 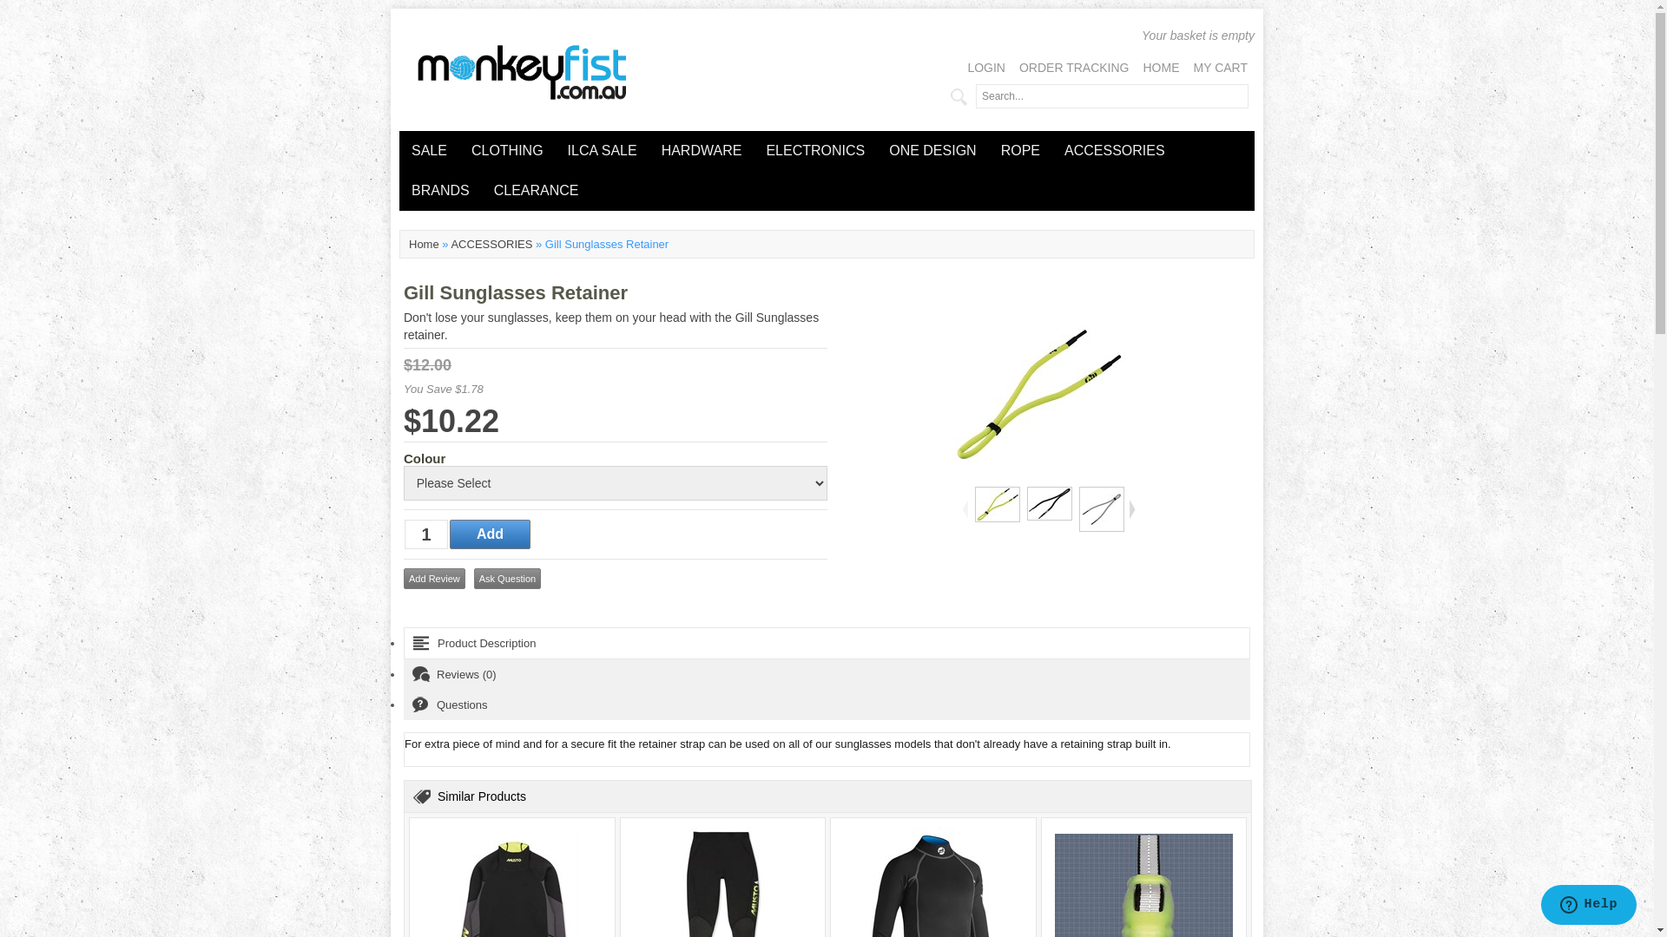 What do you see at coordinates (603, 149) in the screenshot?
I see `'ILCA SALE'` at bounding box center [603, 149].